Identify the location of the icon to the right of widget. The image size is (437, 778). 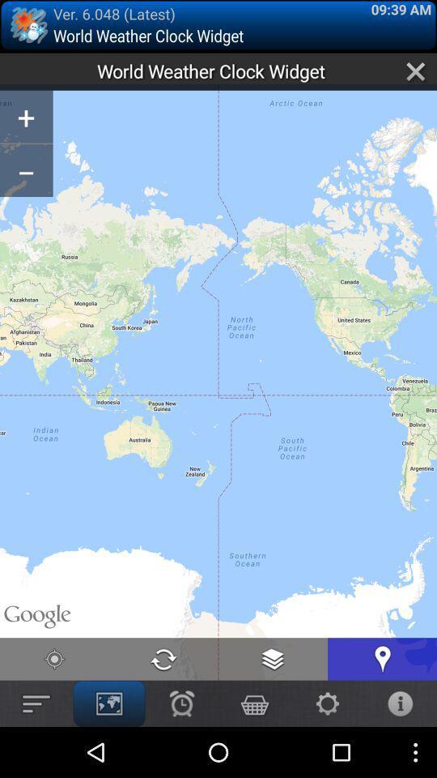
(416, 71).